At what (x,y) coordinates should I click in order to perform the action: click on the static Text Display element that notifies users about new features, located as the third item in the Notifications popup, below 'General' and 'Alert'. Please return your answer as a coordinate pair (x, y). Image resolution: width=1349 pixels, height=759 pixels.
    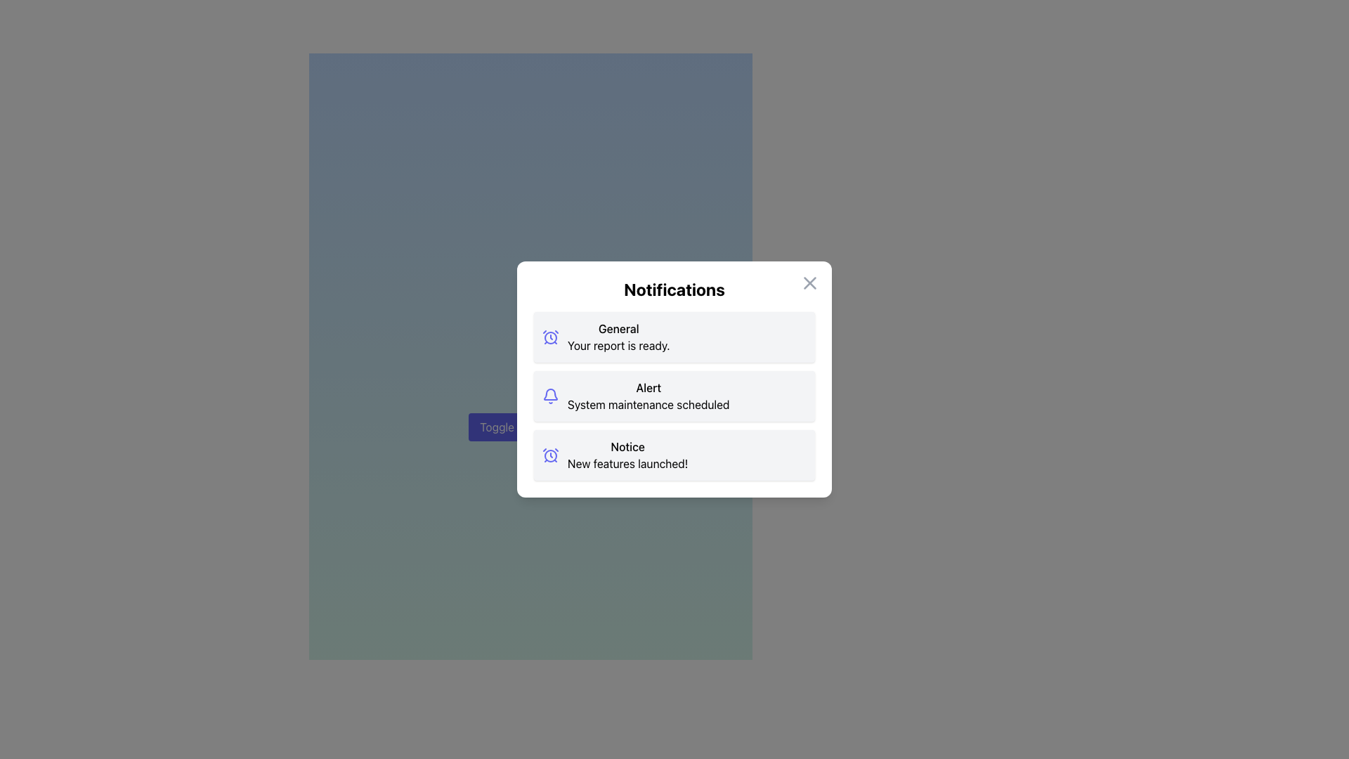
    Looking at the image, I should click on (627, 455).